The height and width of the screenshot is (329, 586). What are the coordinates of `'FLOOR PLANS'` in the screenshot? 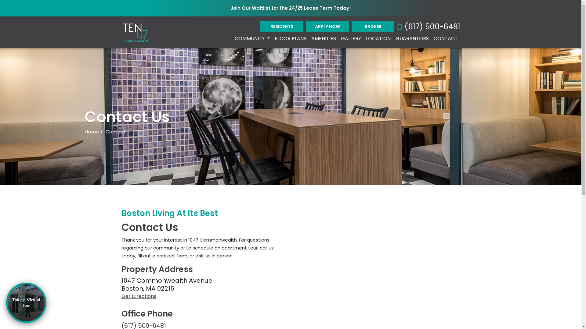 It's located at (290, 38).